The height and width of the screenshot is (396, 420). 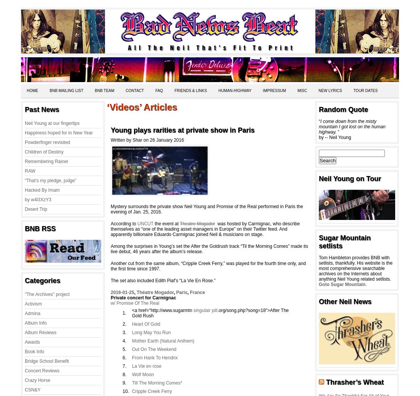 What do you see at coordinates (155, 293) in the screenshot?
I see `'Théatre Mogador'` at bounding box center [155, 293].